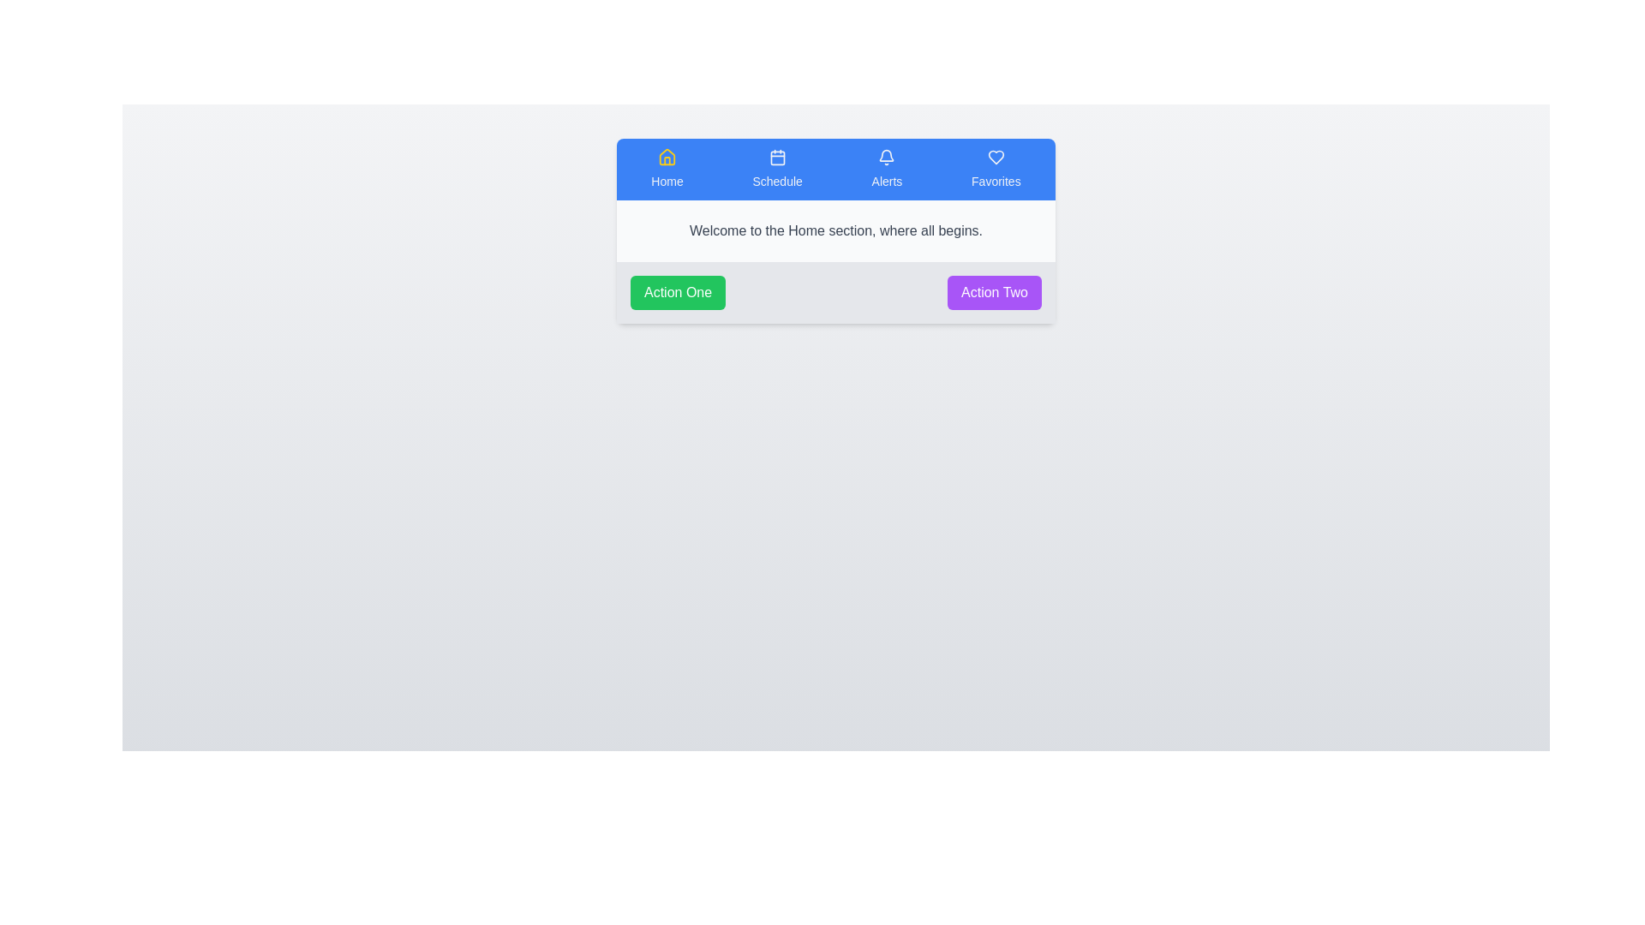  What do you see at coordinates (666, 169) in the screenshot?
I see `the icon labeled 'Home' to observe visual feedback` at bounding box center [666, 169].